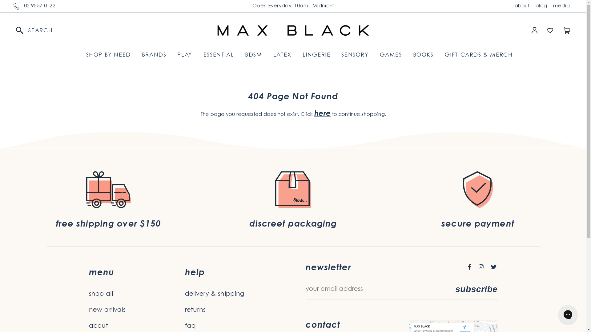 The height and width of the screenshot is (332, 591). I want to click on 'blog', so click(532, 6).